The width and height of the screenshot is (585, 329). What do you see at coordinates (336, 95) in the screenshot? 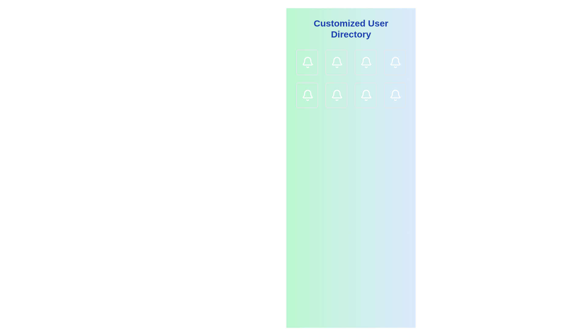
I see `the notification bell icon, which is an outline of a bell shape in white, located in the second row and second column of the grid layout` at bounding box center [336, 95].